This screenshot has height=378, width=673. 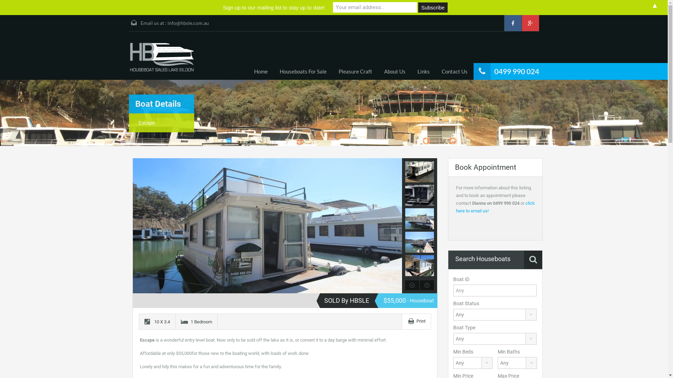 What do you see at coordinates (423, 71) in the screenshot?
I see `'Links'` at bounding box center [423, 71].